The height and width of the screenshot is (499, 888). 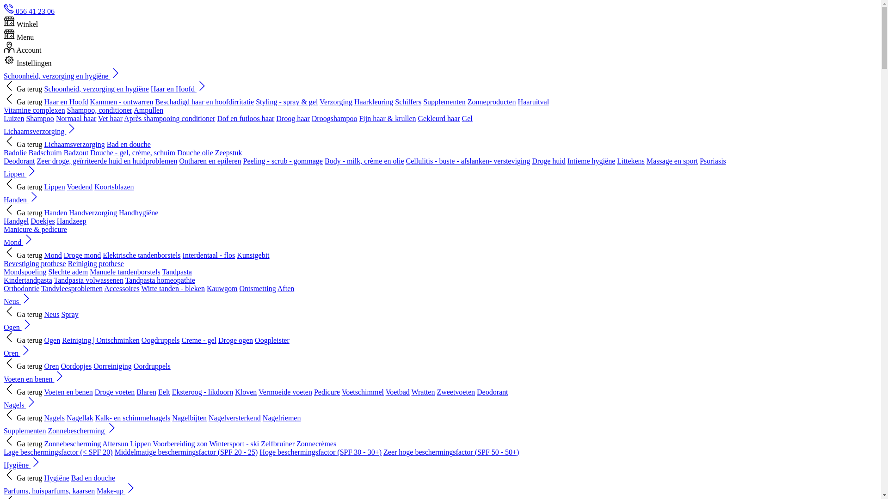 What do you see at coordinates (49, 490) in the screenshot?
I see `'Parfums, huisparfums, kaarsen'` at bounding box center [49, 490].